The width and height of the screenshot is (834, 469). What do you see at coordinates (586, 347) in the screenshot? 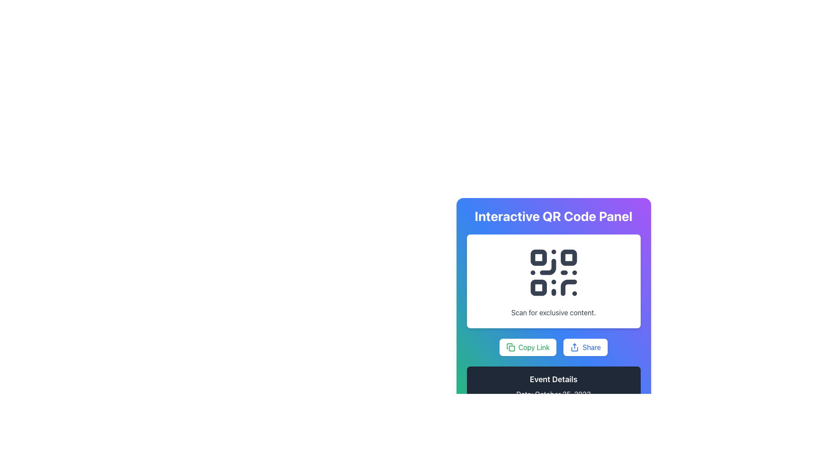
I see `the 'Share' button, which has a white background, rounded corners, and displays a blue outlined upward arrow icon next to the text 'Share', located in the 'Interactive QR Code Panel'` at bounding box center [586, 347].